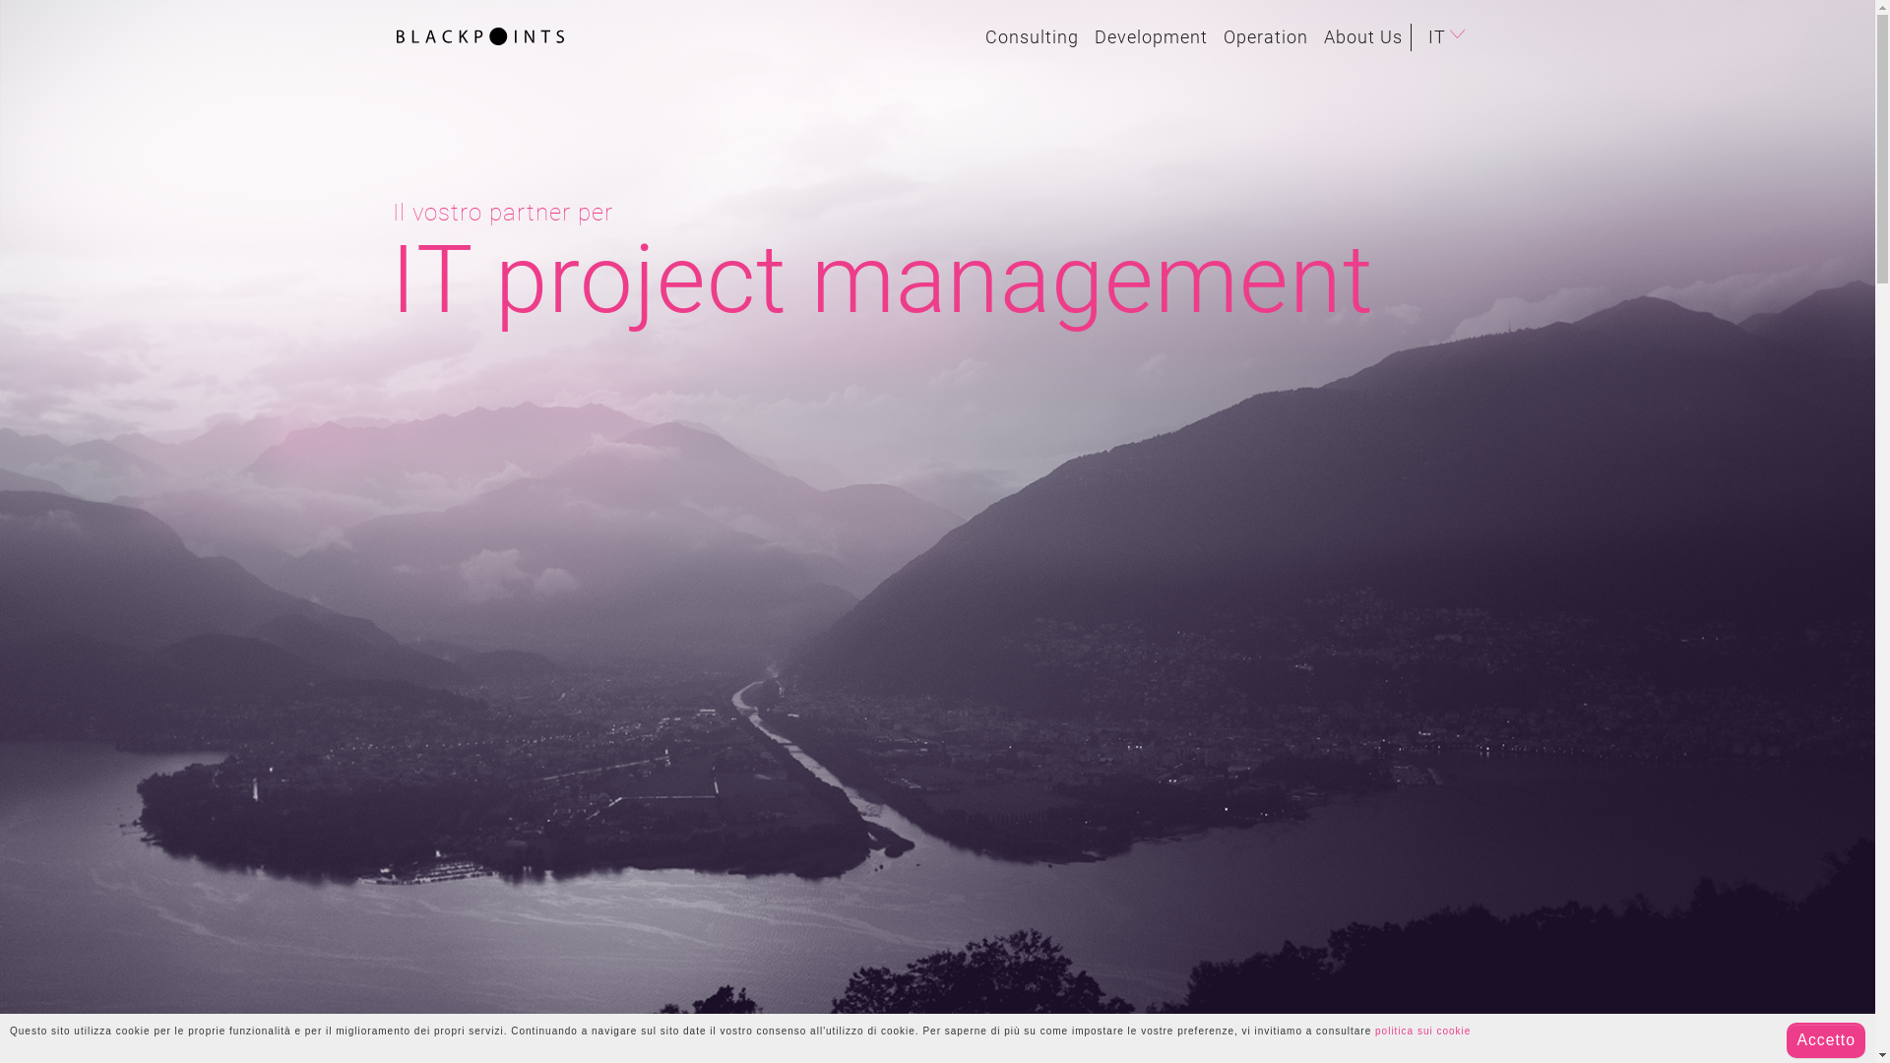  What do you see at coordinates (1449, 37) in the screenshot?
I see `'IT'` at bounding box center [1449, 37].